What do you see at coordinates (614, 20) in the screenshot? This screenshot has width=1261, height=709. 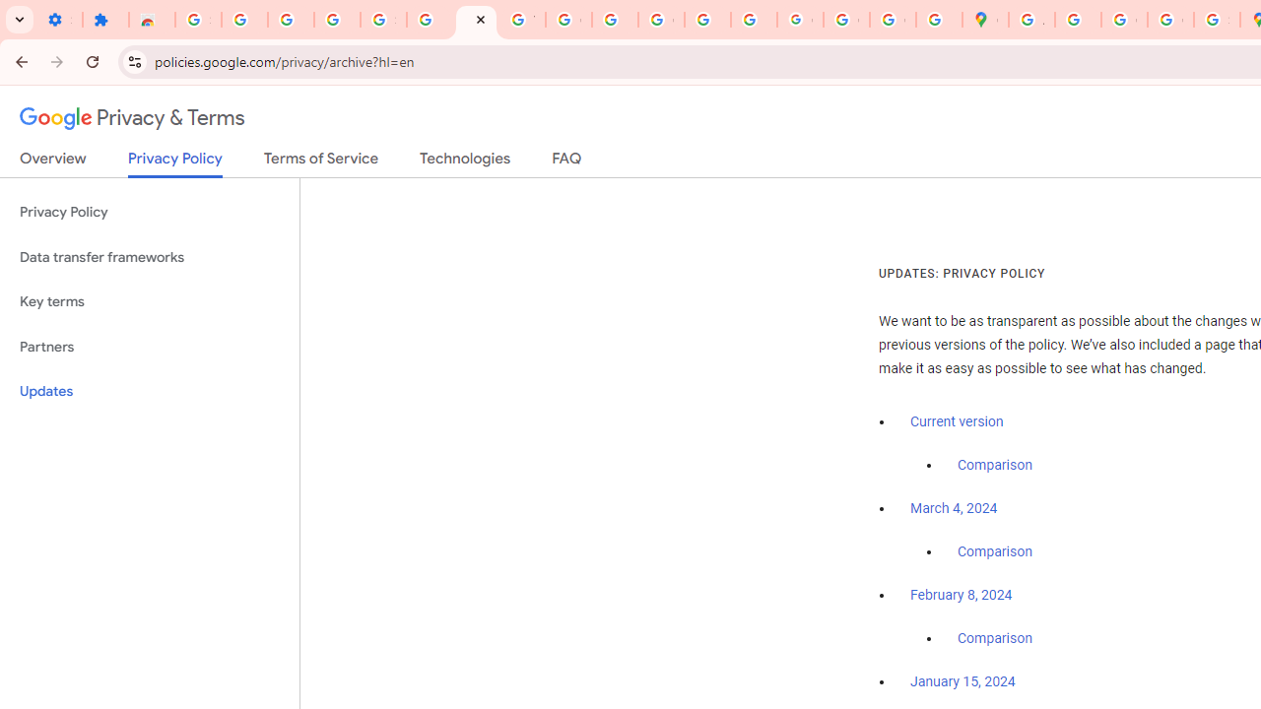 I see `'https://scholar.google.com/'` at bounding box center [614, 20].